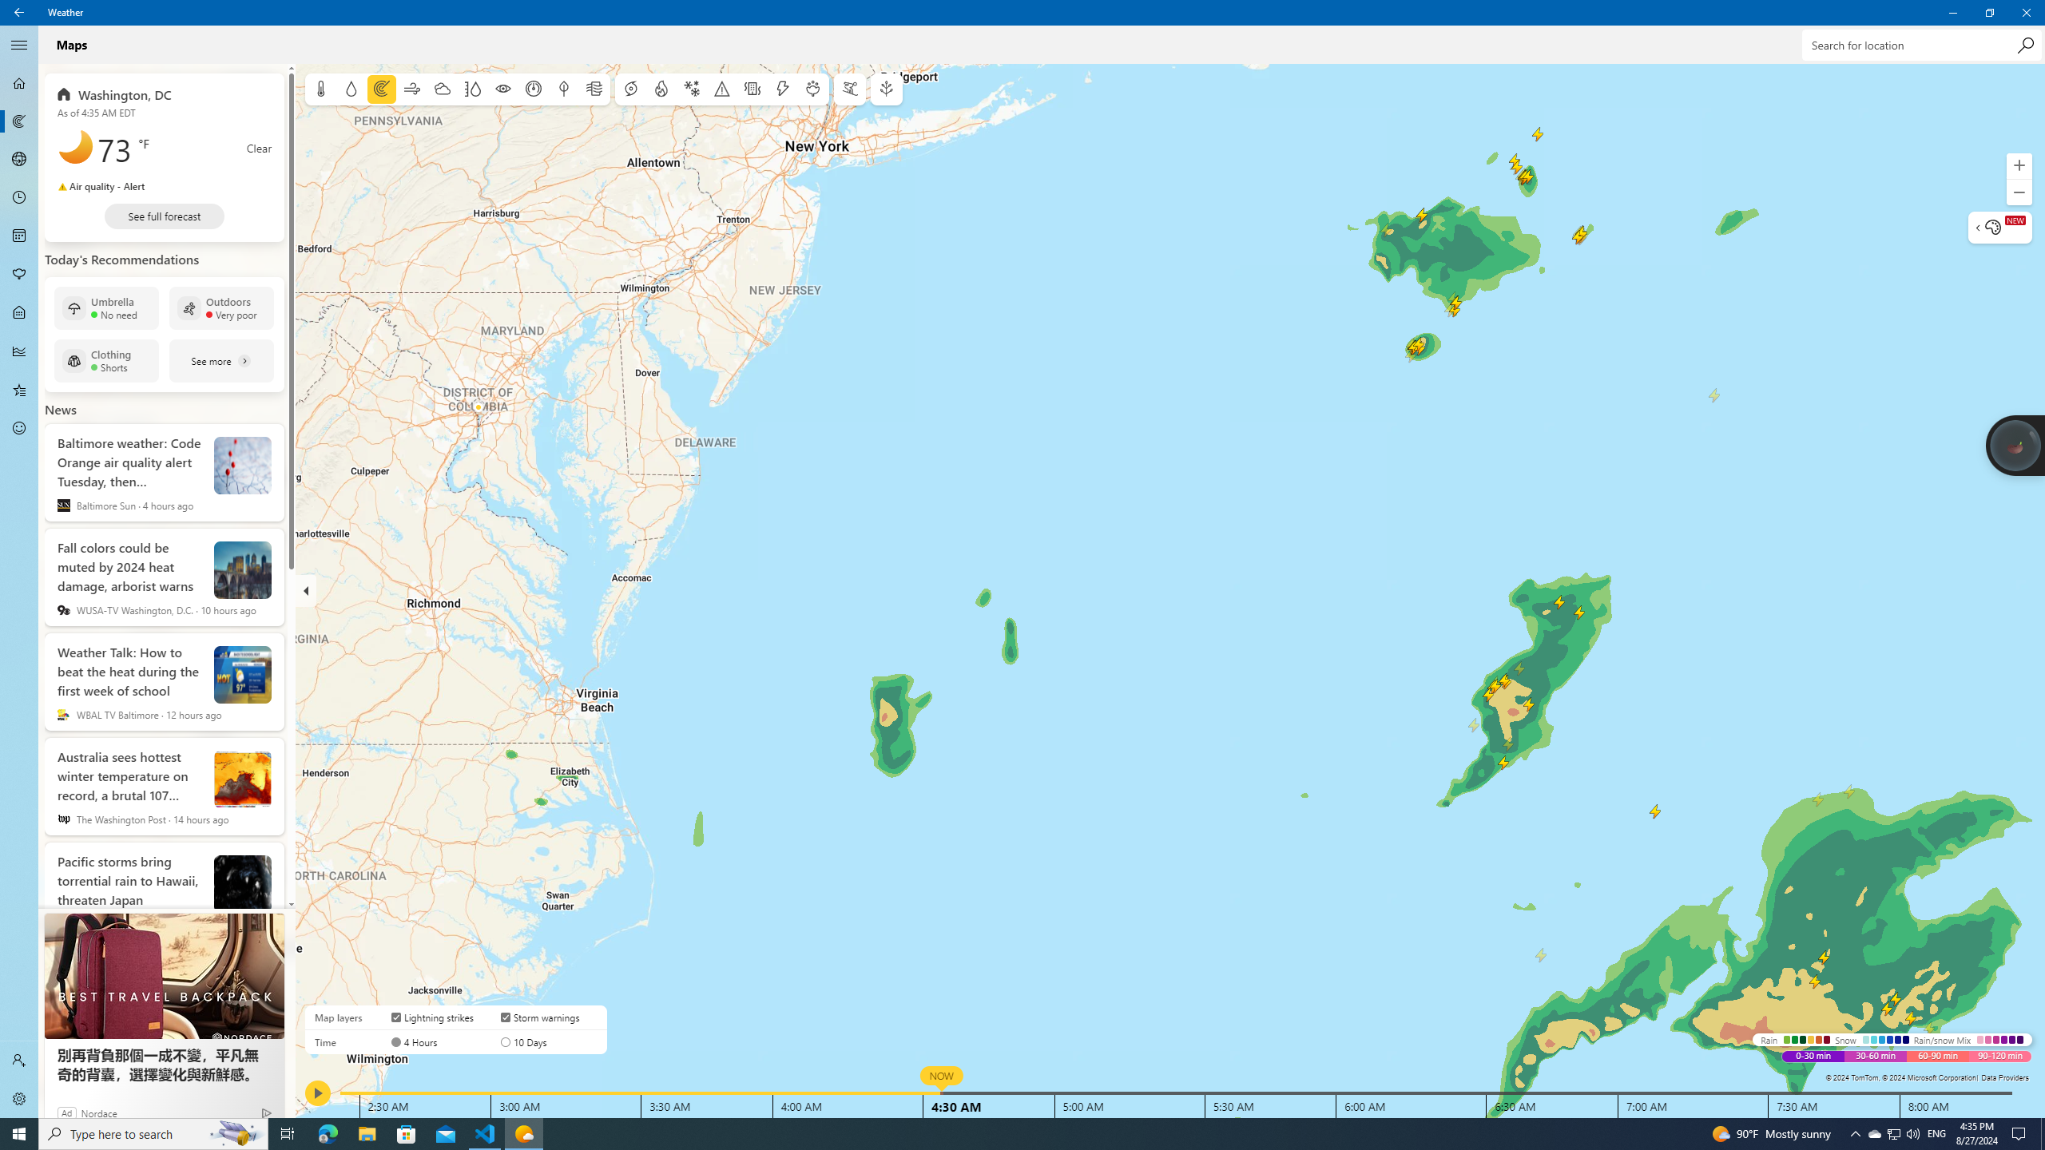 The height and width of the screenshot is (1150, 2045). Describe the element at coordinates (19, 44) in the screenshot. I see `'Collapse Navigation'` at that location.